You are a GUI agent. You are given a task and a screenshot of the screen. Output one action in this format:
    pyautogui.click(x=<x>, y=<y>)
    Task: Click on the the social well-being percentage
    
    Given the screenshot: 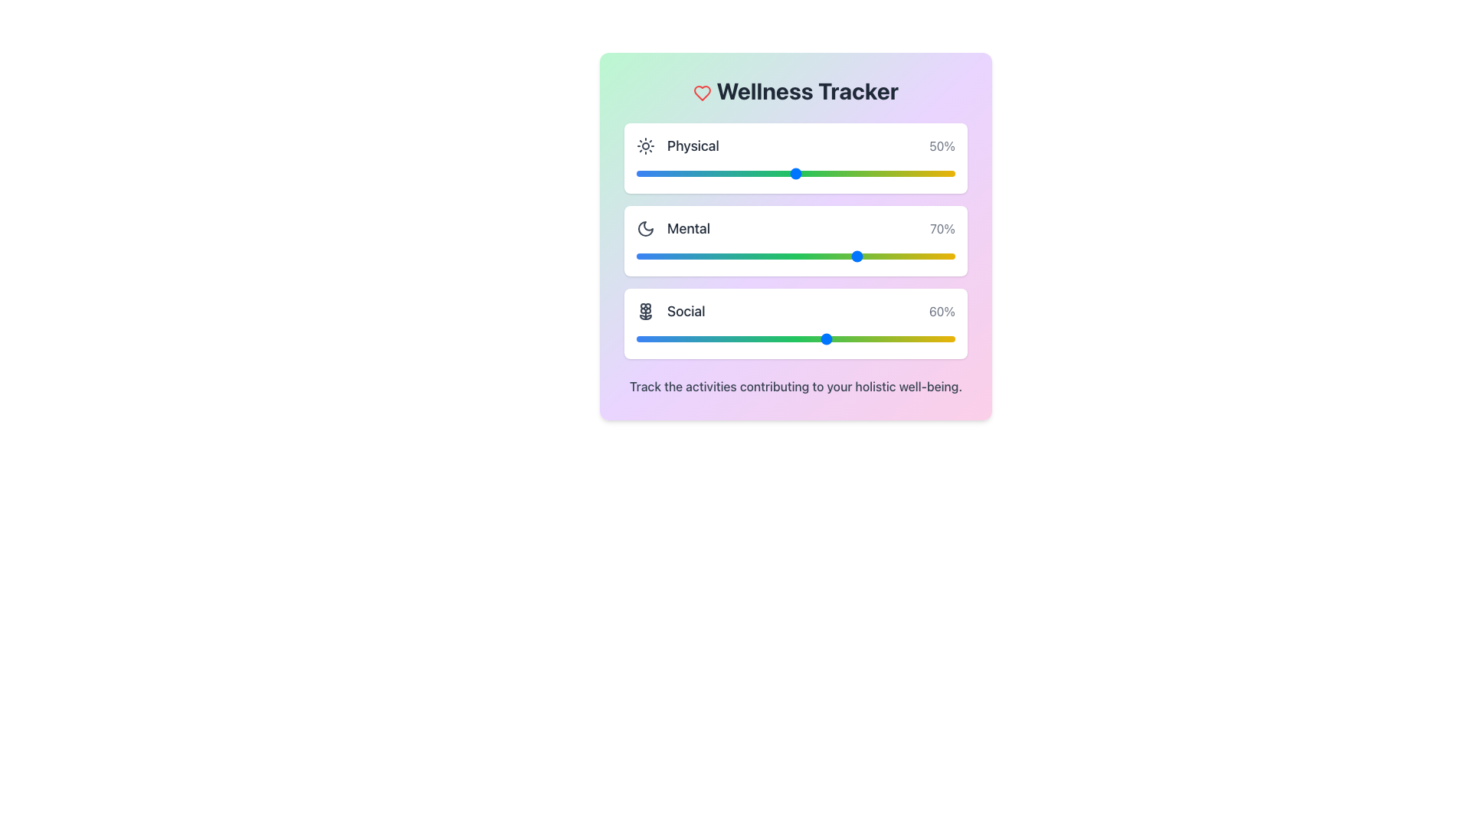 What is the action you would take?
    pyautogui.click(x=693, y=338)
    